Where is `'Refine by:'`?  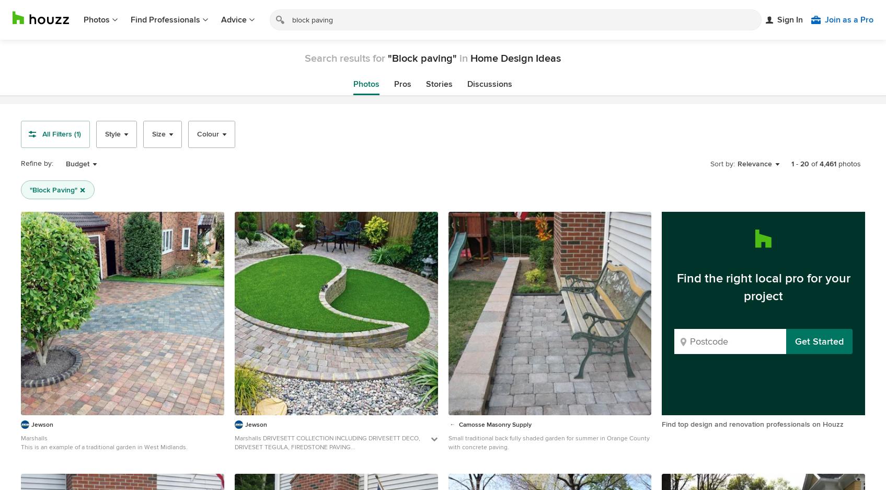
'Refine by:' is located at coordinates (37, 163).